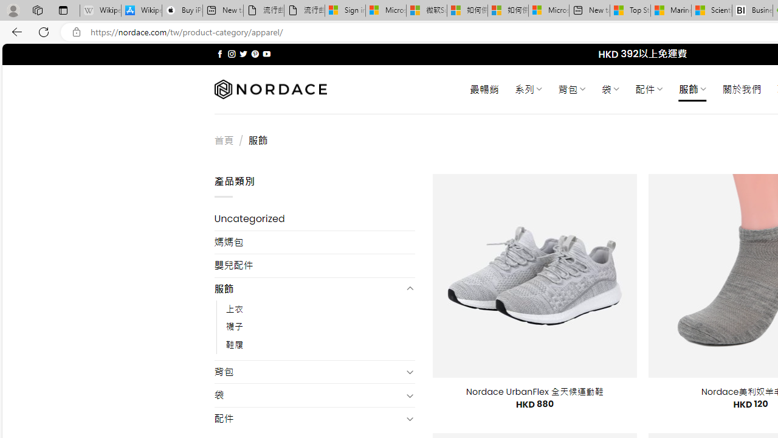 This screenshot has height=438, width=778. I want to click on 'Uncategorized', so click(314, 219).